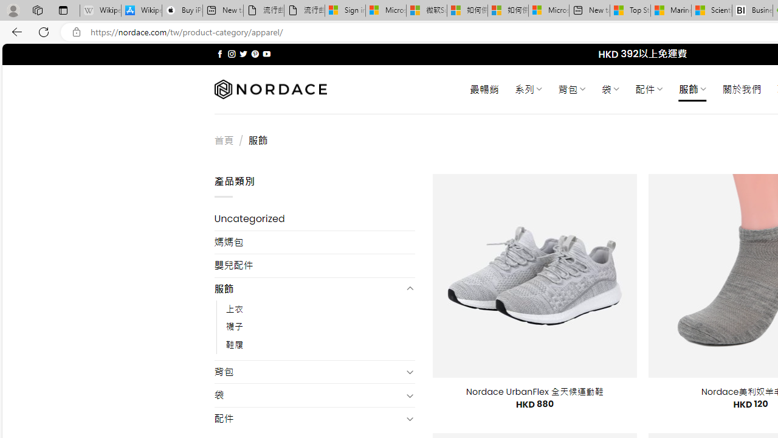 This screenshot has height=438, width=778. I want to click on 'Uncategorized', so click(314, 219).